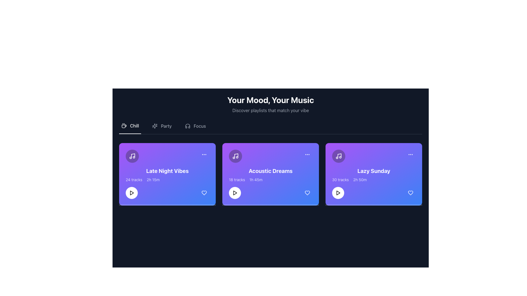 This screenshot has height=296, width=527. Describe the element at coordinates (167, 205) in the screenshot. I see `the progress indicator located at the bottom of the 'Late Night Vibes' card, which is the first card in a horizontally aligned group of cards` at that location.